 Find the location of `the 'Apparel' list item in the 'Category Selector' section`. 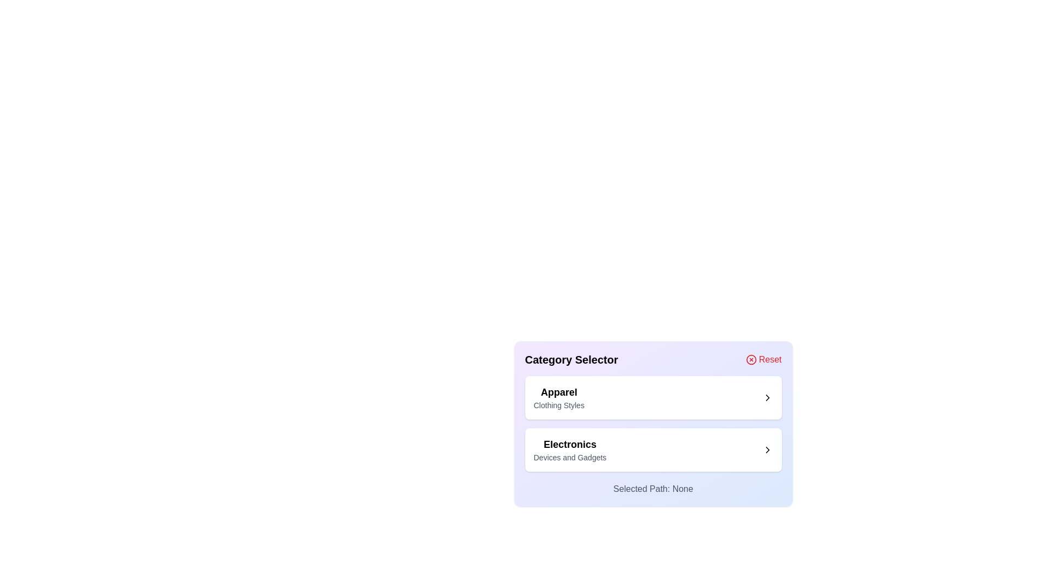

the 'Apparel' list item in the 'Category Selector' section is located at coordinates (559, 398).